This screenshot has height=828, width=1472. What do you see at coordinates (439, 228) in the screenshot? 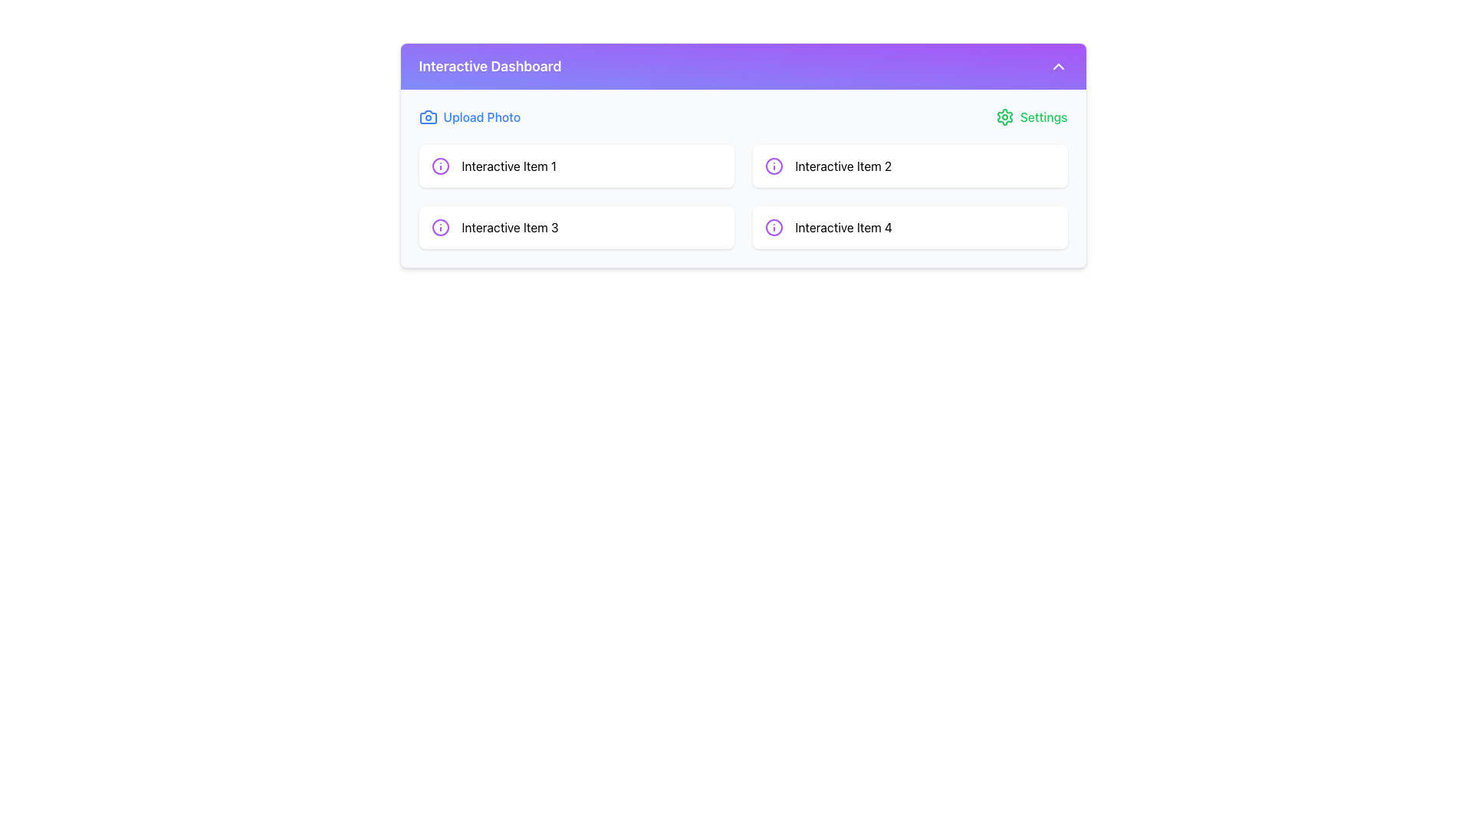
I see `the circular outline element styled in purple, resembling an information symbol, located left of 'Interactive Item 1' in the dashboard interface` at bounding box center [439, 228].